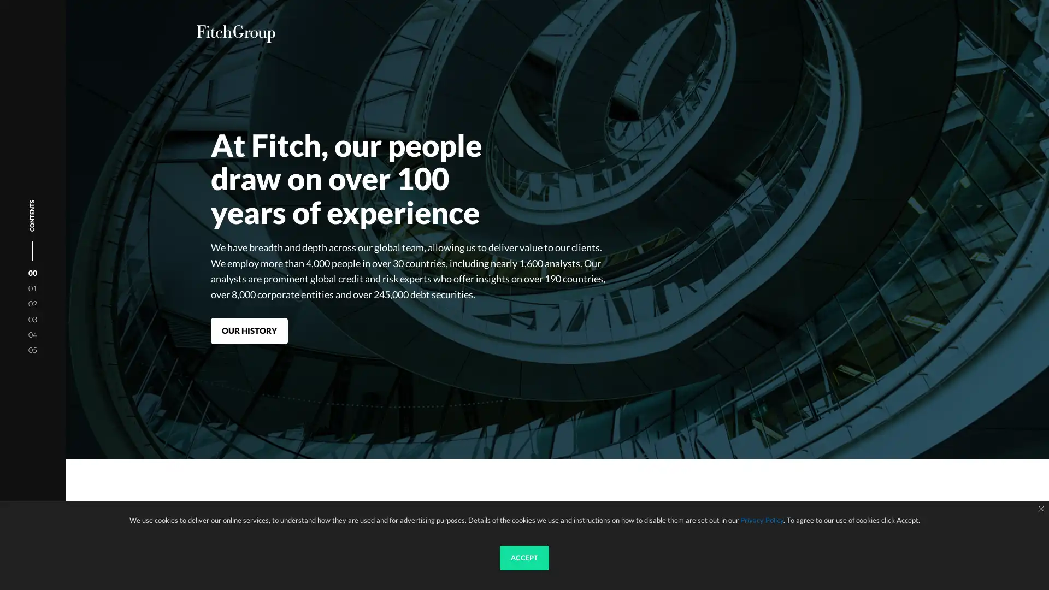 Image resolution: width=1049 pixels, height=590 pixels. I want to click on ACCEPT, so click(524, 558).